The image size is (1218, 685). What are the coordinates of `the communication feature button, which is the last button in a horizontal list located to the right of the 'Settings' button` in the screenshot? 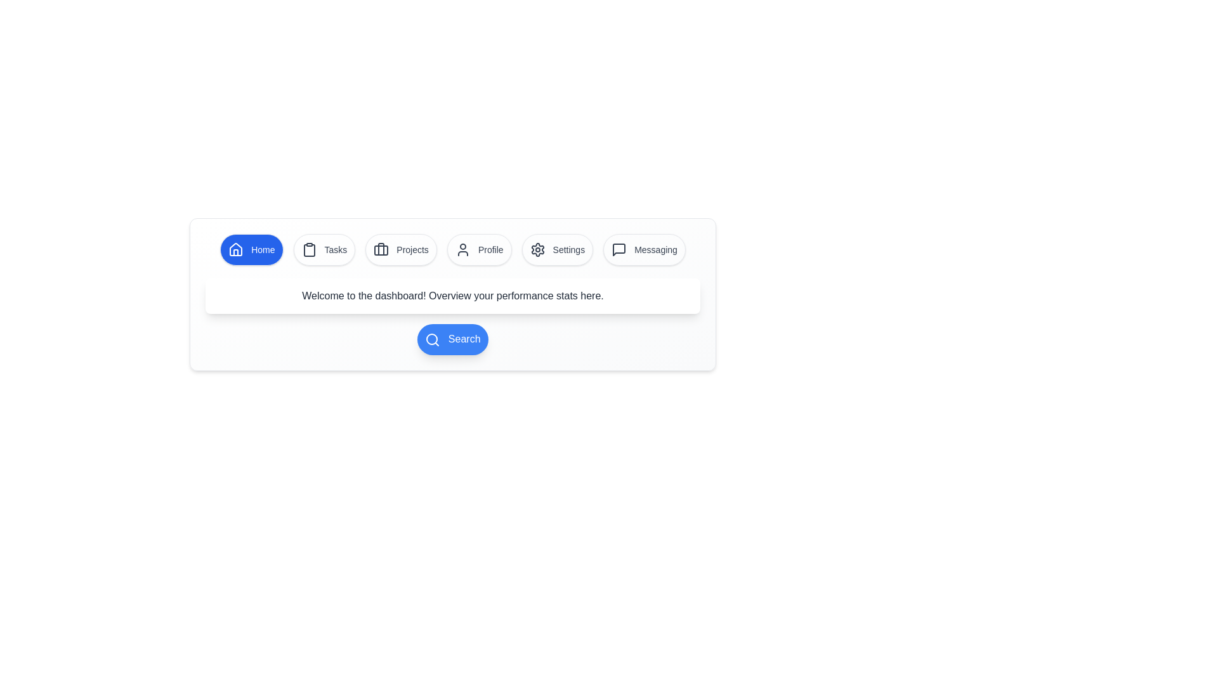 It's located at (645, 249).